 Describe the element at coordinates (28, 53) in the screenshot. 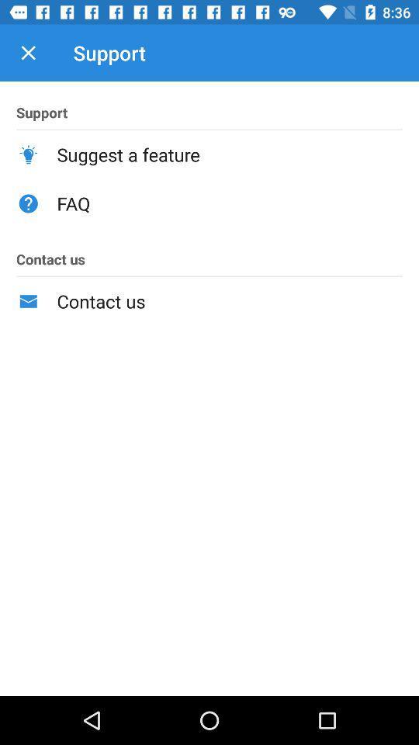

I see `item to the left of support item` at that location.